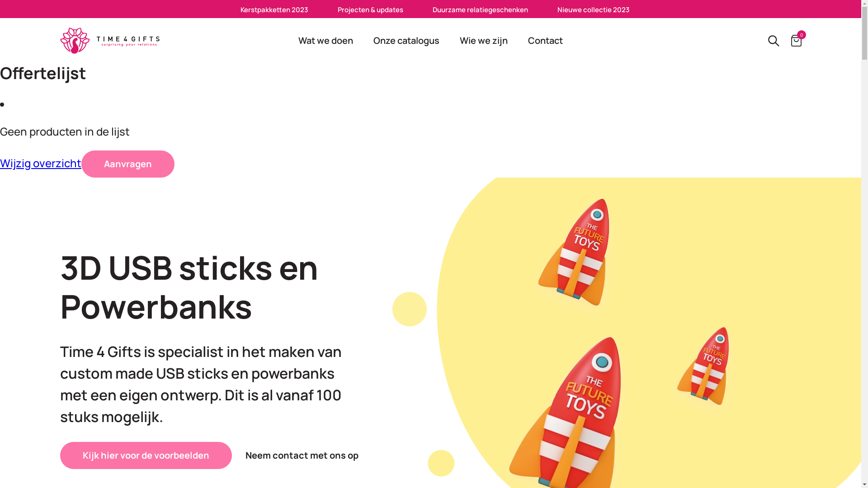 This screenshot has height=488, width=868. What do you see at coordinates (480, 9) in the screenshot?
I see `'Duurzame relatiegeschenken'` at bounding box center [480, 9].